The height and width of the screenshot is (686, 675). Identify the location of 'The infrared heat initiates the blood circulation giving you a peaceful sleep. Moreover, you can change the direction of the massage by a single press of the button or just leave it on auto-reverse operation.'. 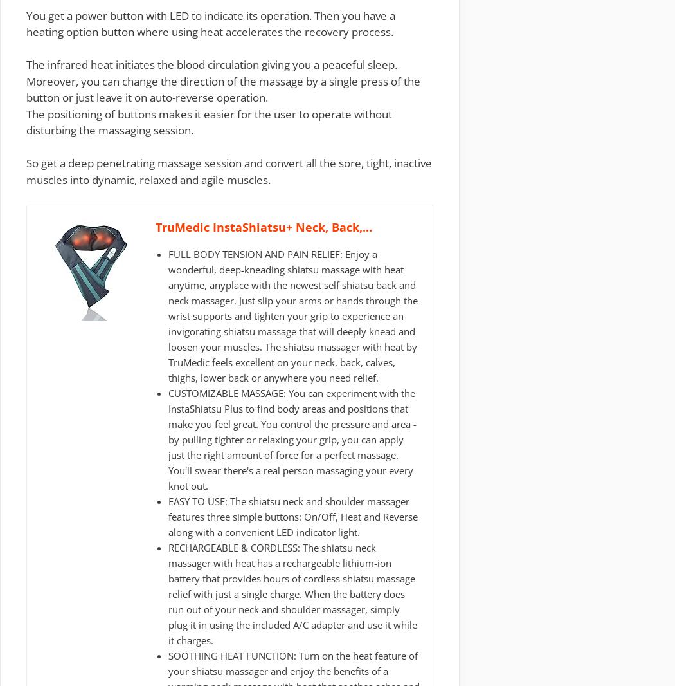
(222, 80).